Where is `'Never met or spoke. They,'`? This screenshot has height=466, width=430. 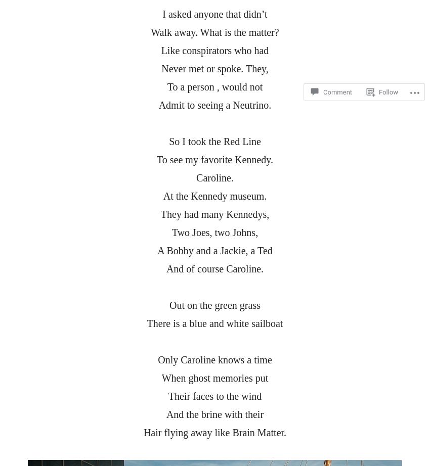
'Never met or spoke. They,' is located at coordinates (214, 68).